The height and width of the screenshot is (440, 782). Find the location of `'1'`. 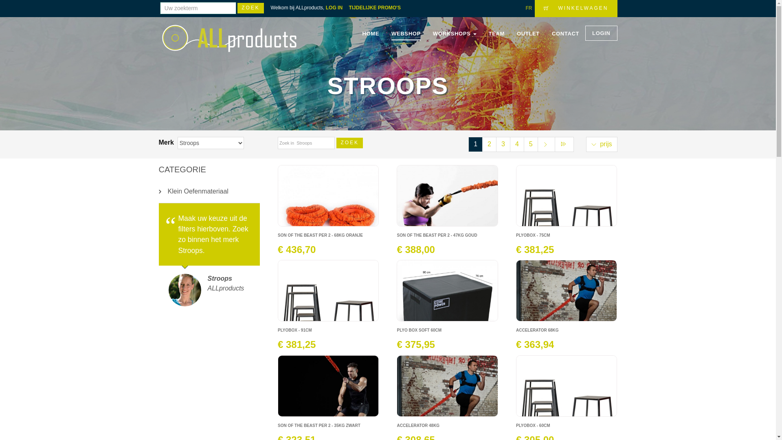

'1' is located at coordinates (475, 144).